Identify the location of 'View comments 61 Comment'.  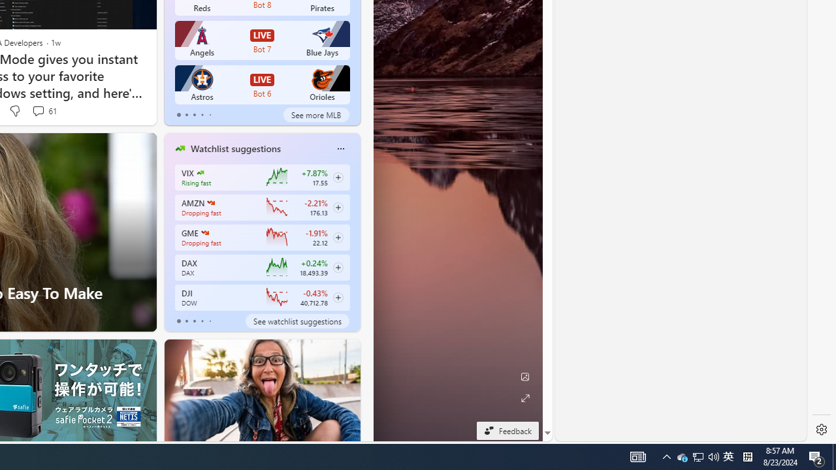
(44, 110).